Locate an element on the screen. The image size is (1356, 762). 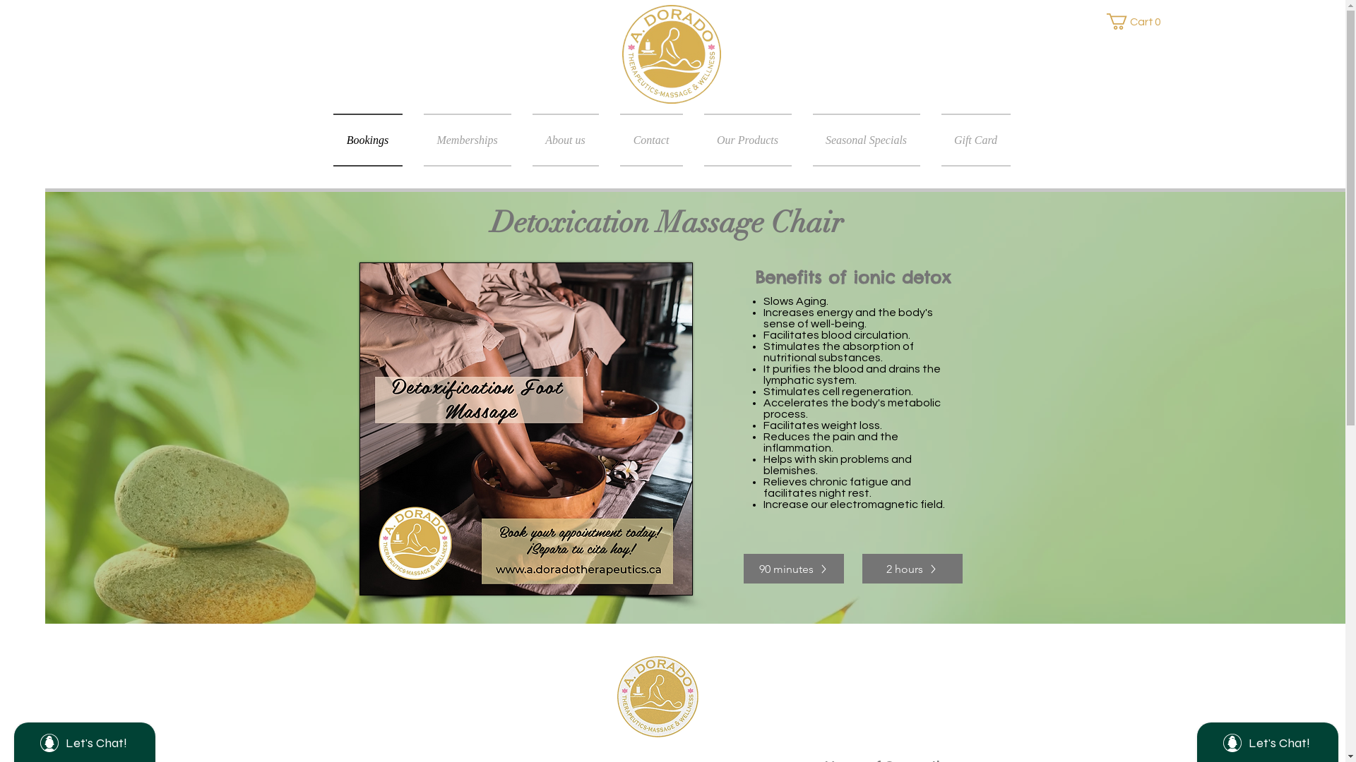
'Bookings' is located at coordinates (373, 140).